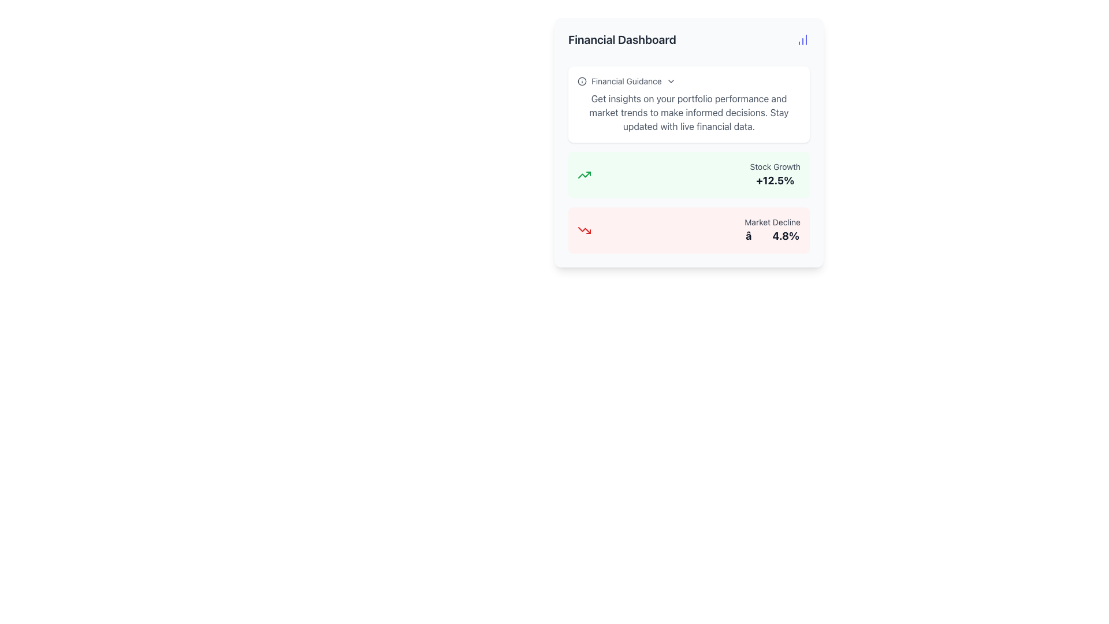 The image size is (1109, 624). What do you see at coordinates (582, 81) in the screenshot?
I see `the SVG Circle Element that serves as a visual indicator for the Financial Guidance icon` at bounding box center [582, 81].